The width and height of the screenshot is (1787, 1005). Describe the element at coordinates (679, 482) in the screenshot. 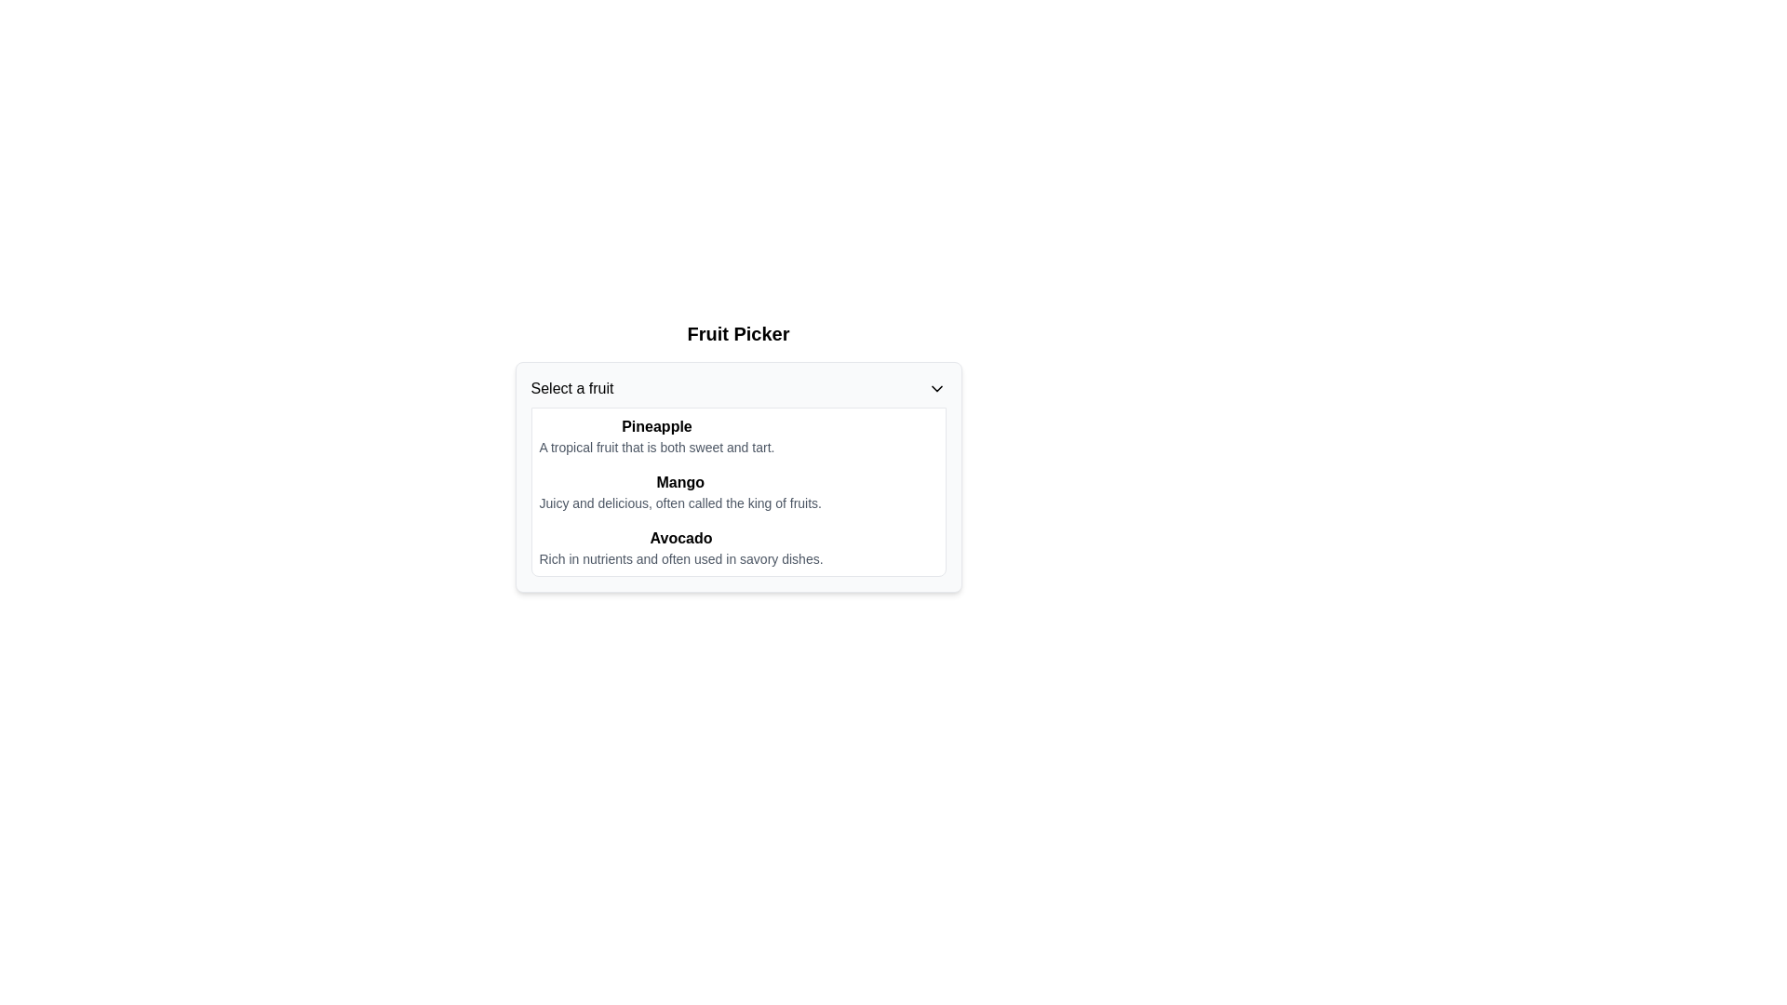

I see `the bold-text label that serves as the title for the fruit section, positioned above the description 'Juicy and delicious, often called the king of fruits.'` at that location.